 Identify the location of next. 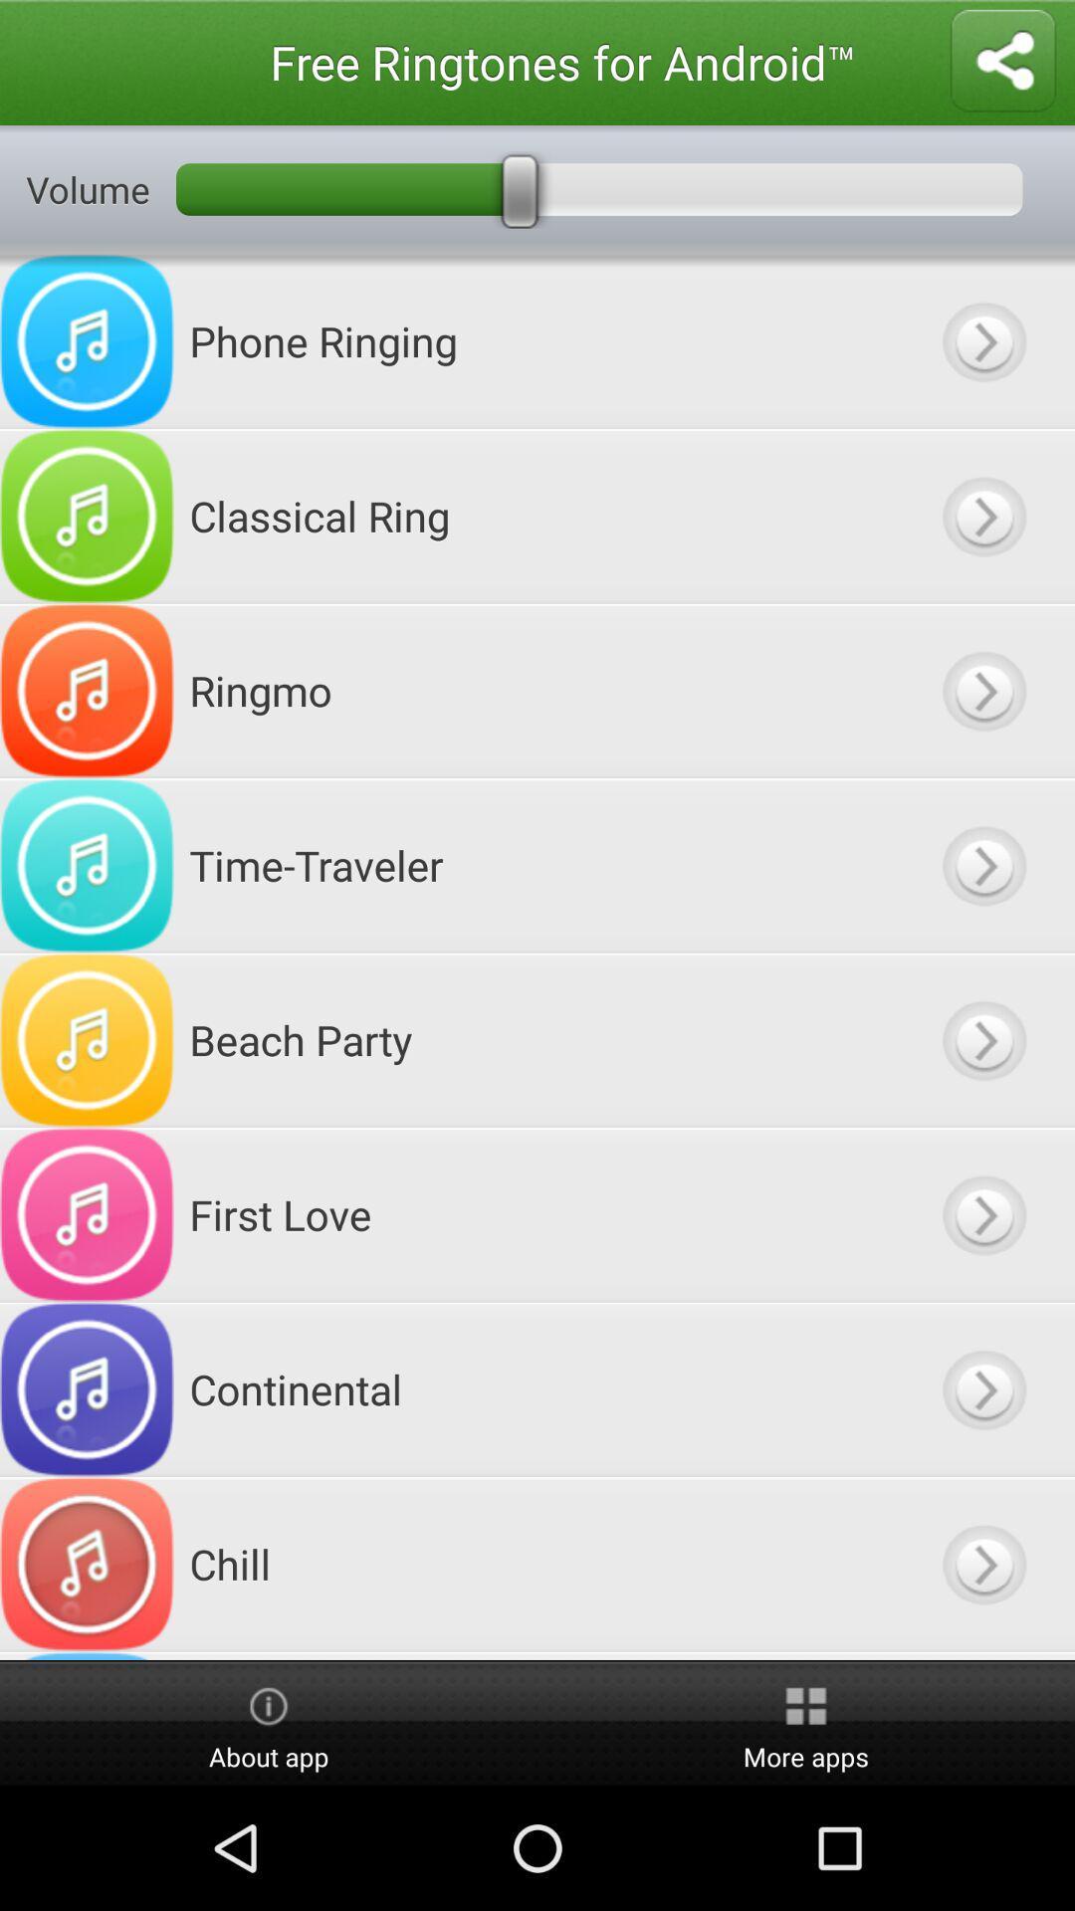
(982, 691).